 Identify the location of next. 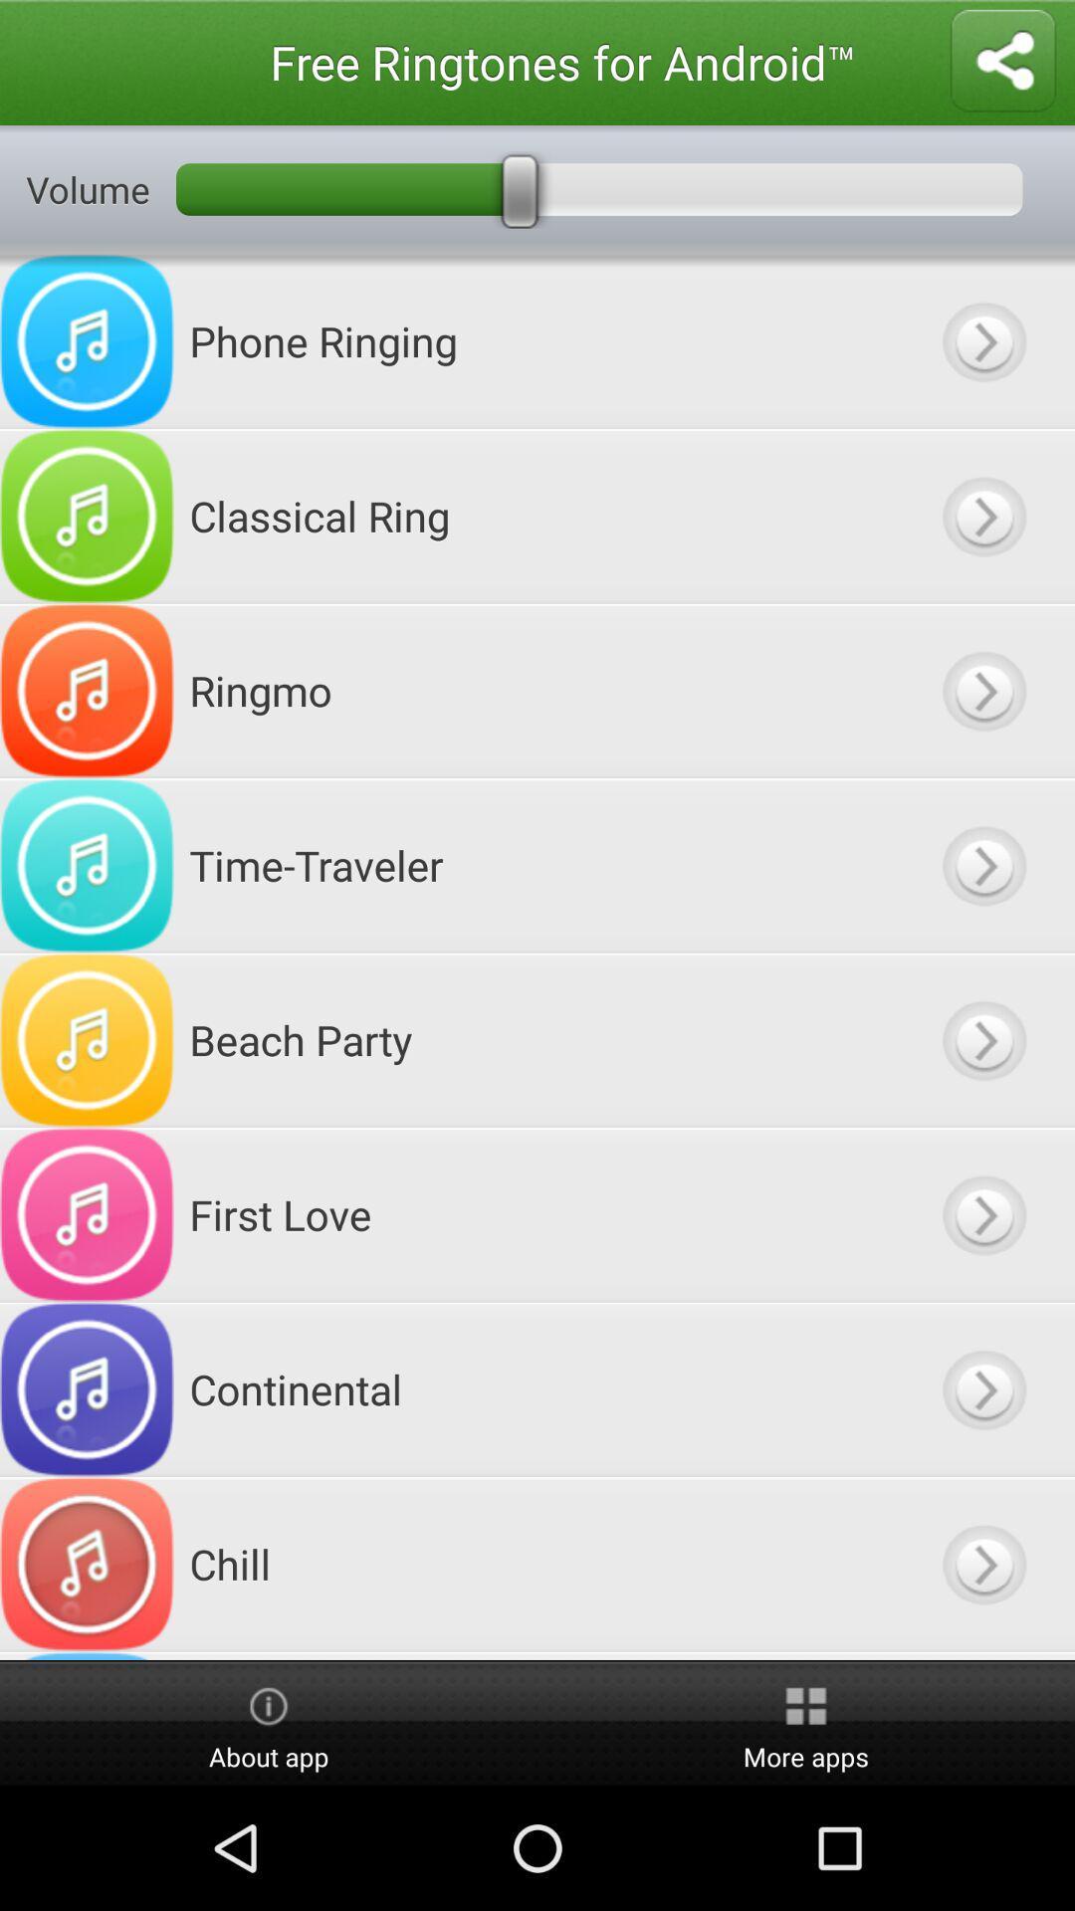
(982, 691).